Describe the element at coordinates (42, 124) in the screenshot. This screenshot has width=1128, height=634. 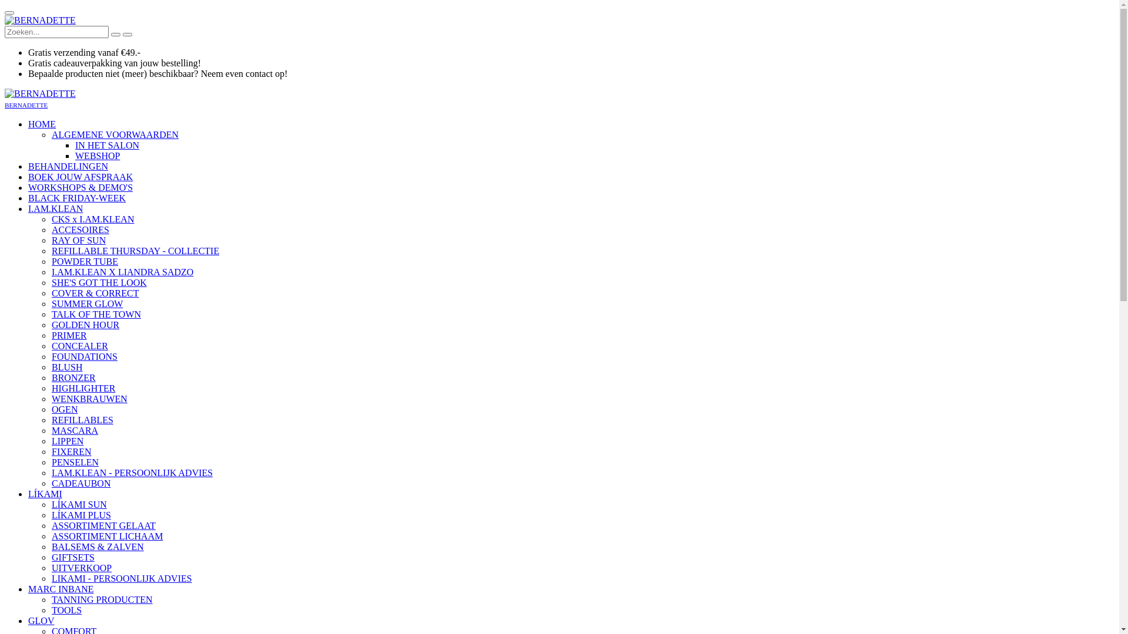
I see `'HOME'` at that location.